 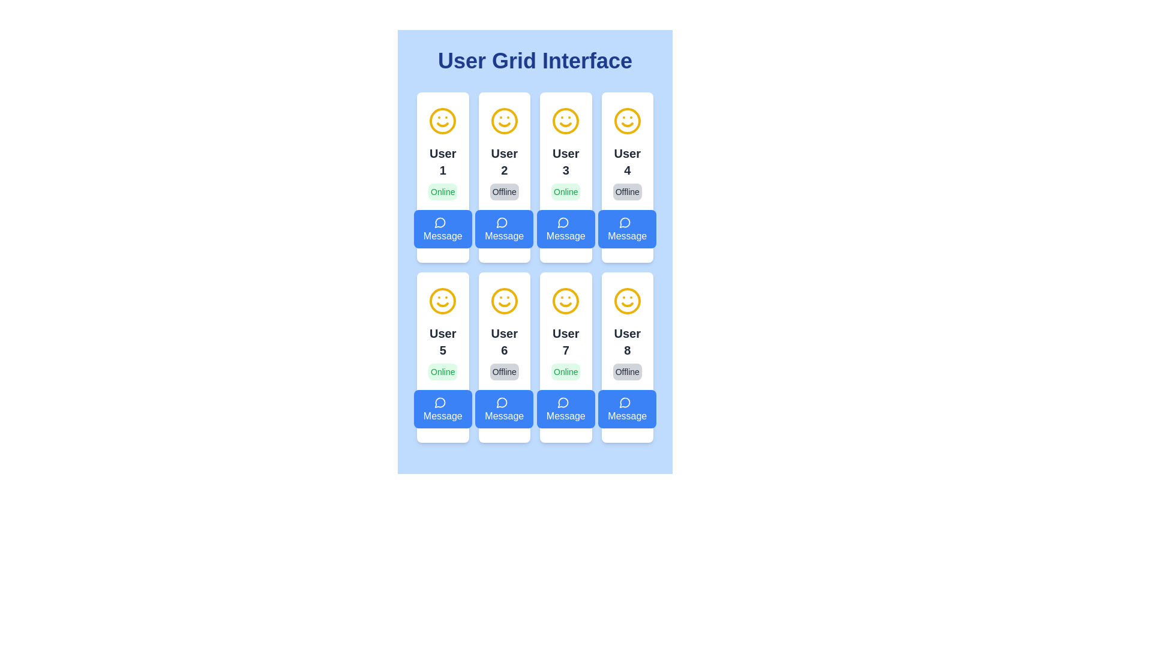 What do you see at coordinates (442, 300) in the screenshot?
I see `the circular smiling face icon outlined in yellow, located above the text 'User 5' in the user grid layout` at bounding box center [442, 300].